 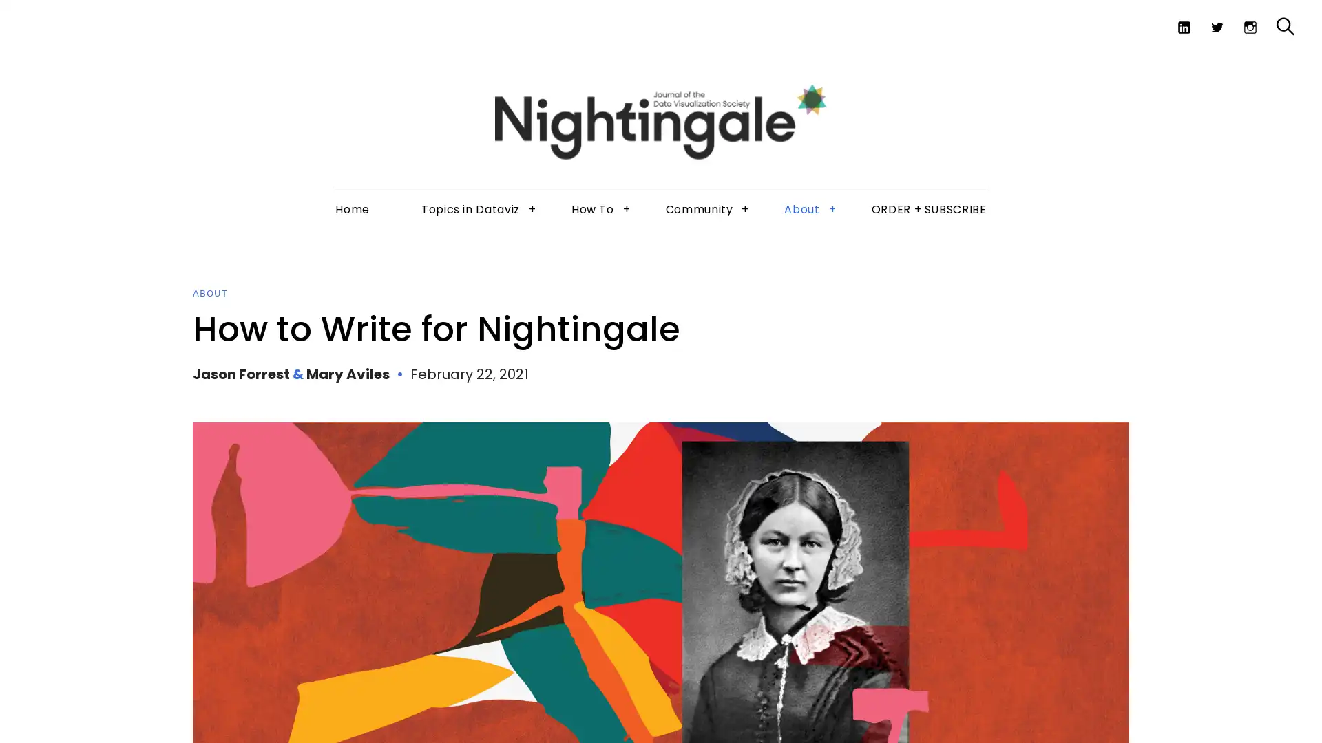 I want to click on Search, so click(x=1285, y=26).